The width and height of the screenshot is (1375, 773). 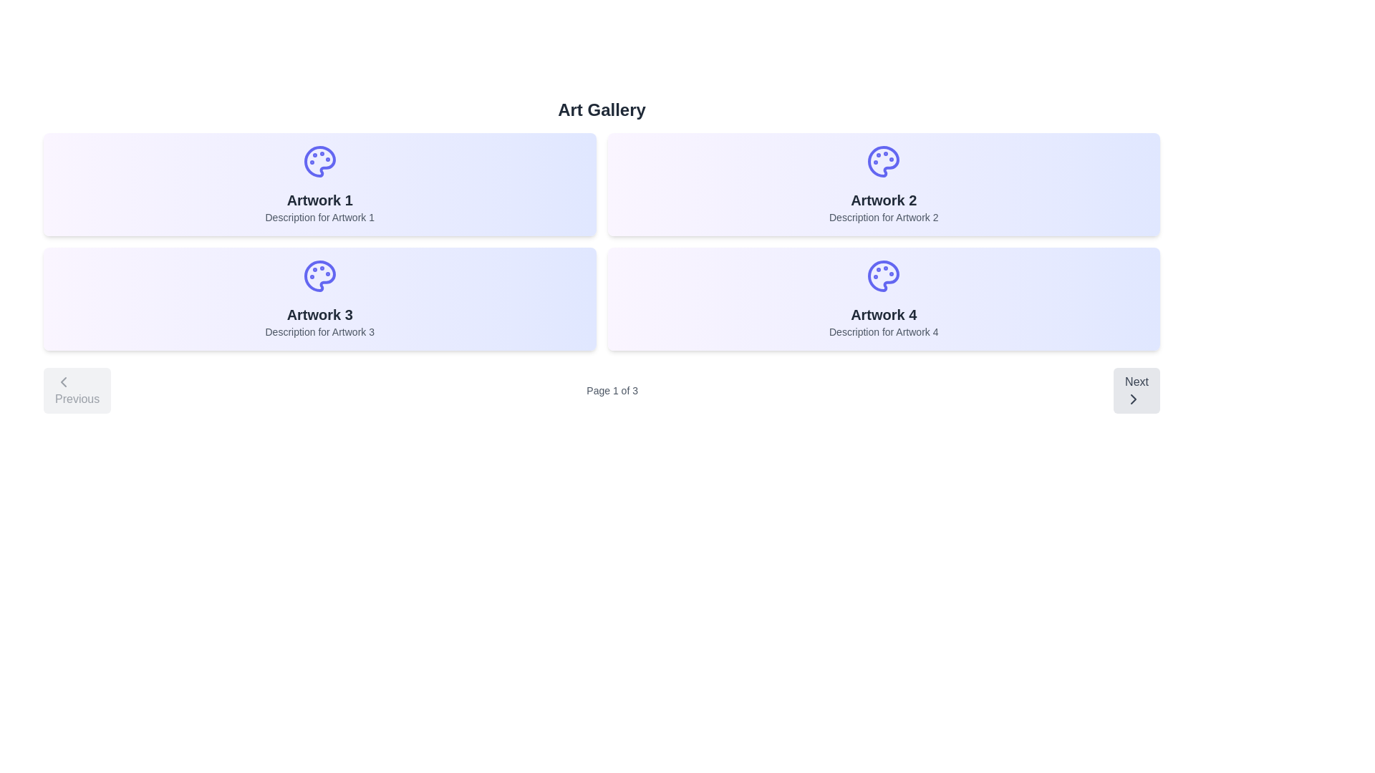 What do you see at coordinates (612, 391) in the screenshot?
I see `text label displaying 'Page 1 of 3' which is styled in small gray-colored font and positioned centrally between the 'Previous' and 'Next' buttons` at bounding box center [612, 391].